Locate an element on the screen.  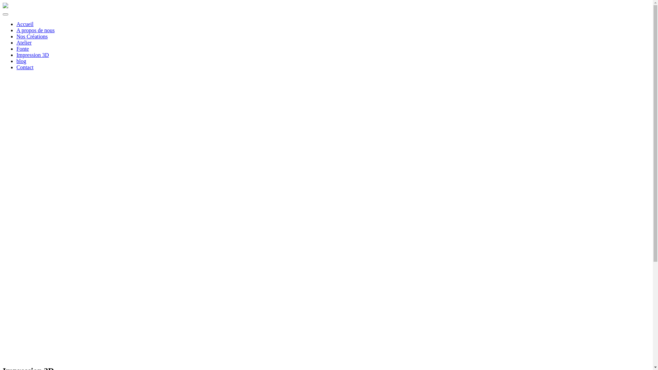
'Accueil' is located at coordinates (25, 24).